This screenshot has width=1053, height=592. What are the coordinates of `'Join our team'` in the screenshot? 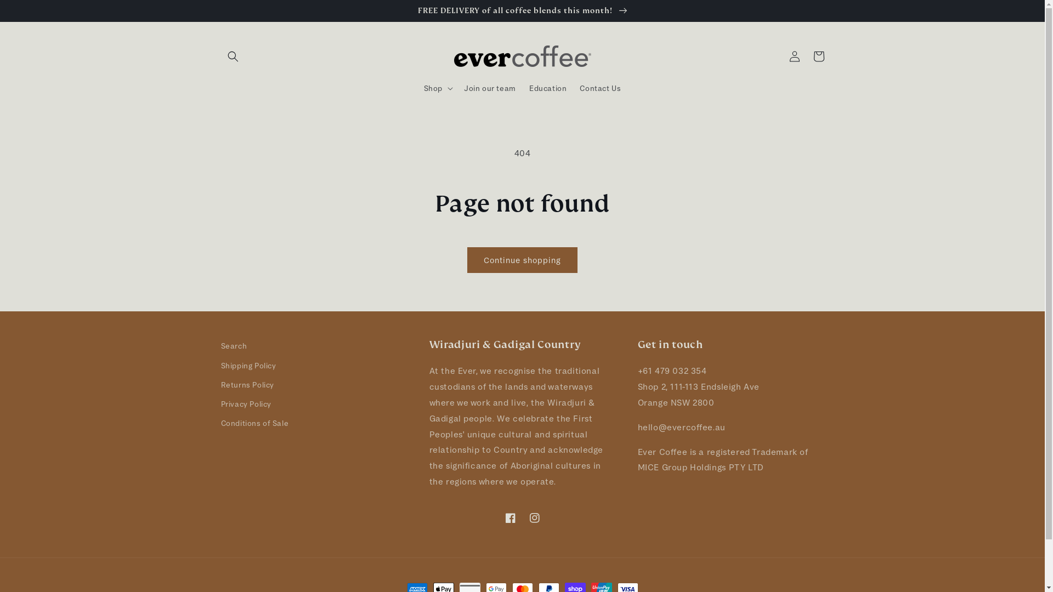 It's located at (489, 88).